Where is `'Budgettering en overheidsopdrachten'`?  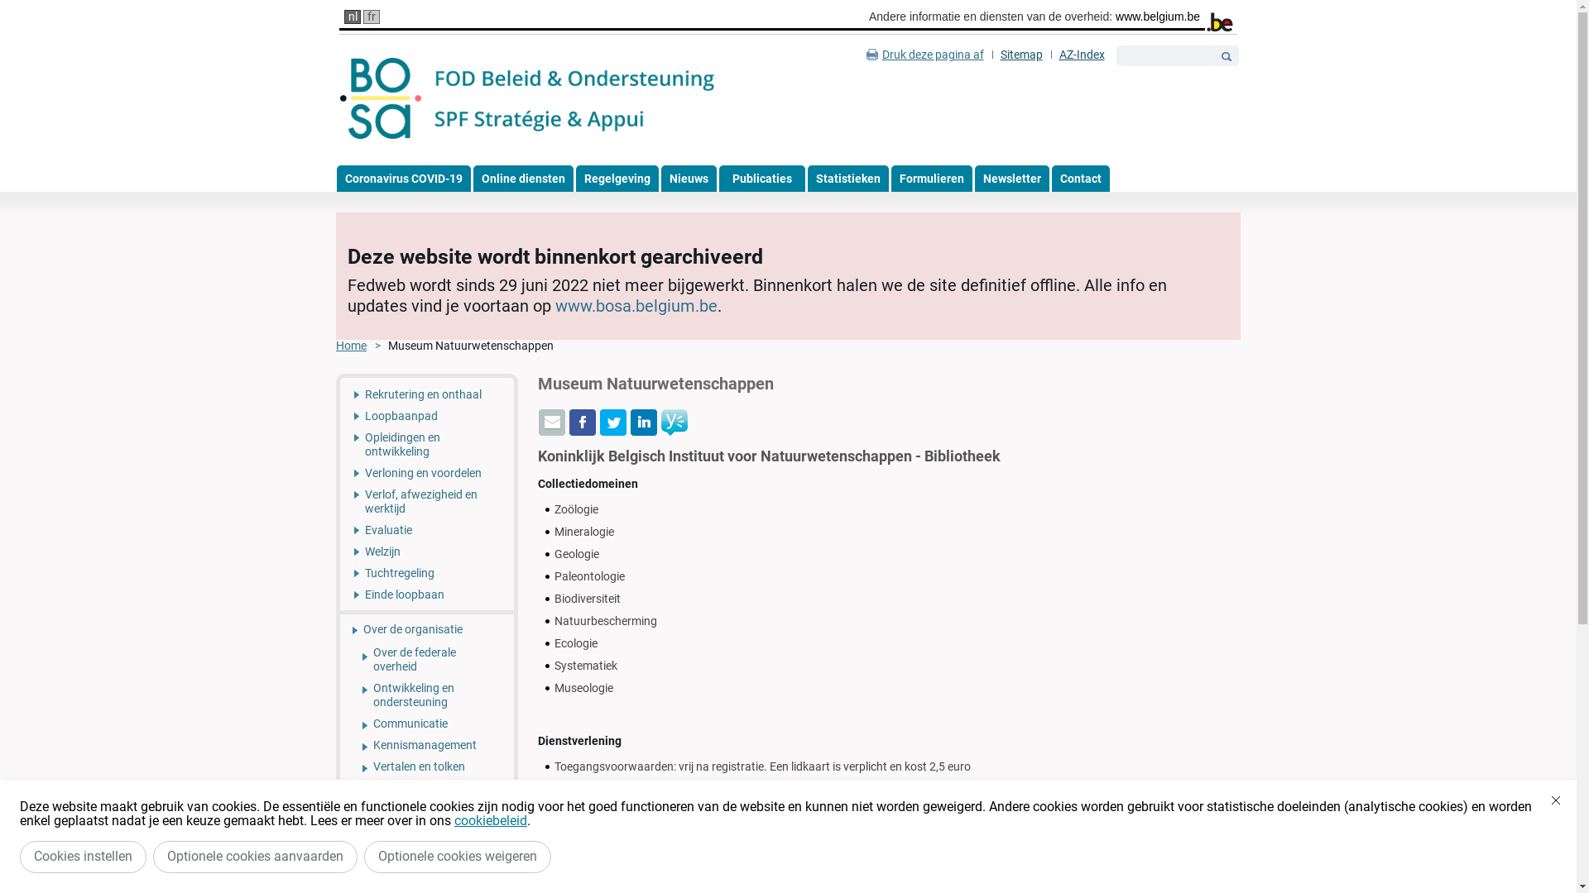
'Budgettering en overheidsopdrachten' is located at coordinates (426, 815).